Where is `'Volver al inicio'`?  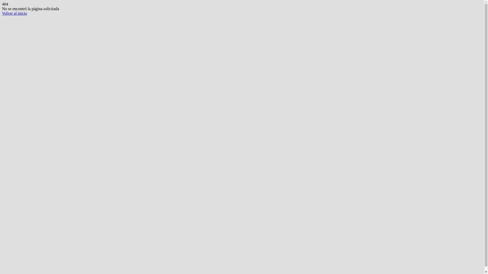 'Volver al inicio' is located at coordinates (14, 13).